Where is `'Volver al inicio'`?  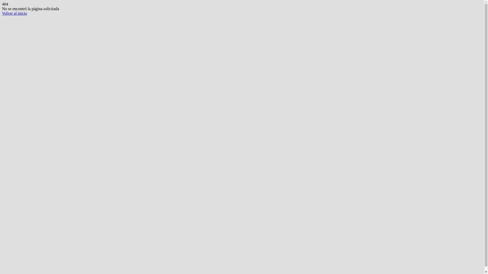 'Volver al inicio' is located at coordinates (14, 13).